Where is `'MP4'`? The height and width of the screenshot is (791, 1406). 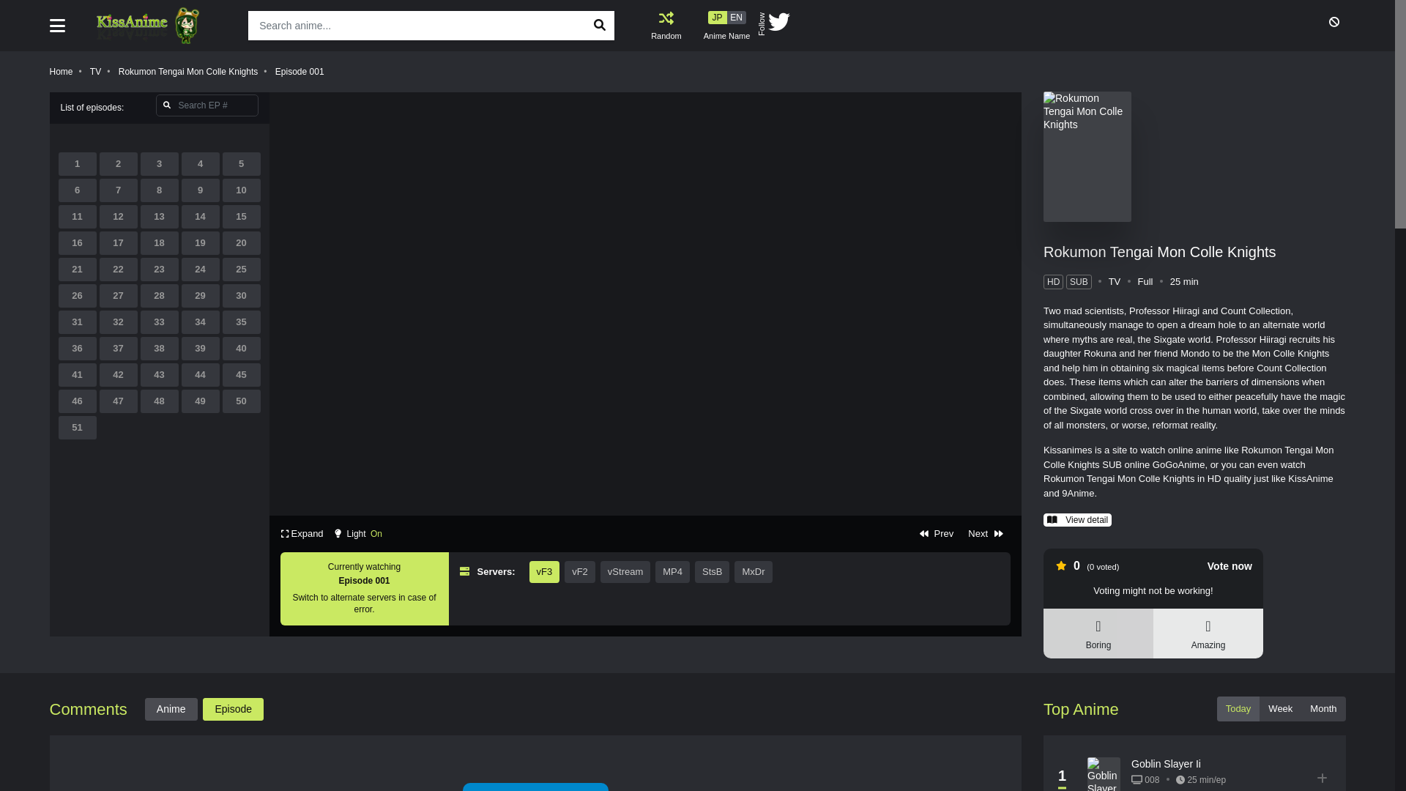
'MP4' is located at coordinates (672, 571).